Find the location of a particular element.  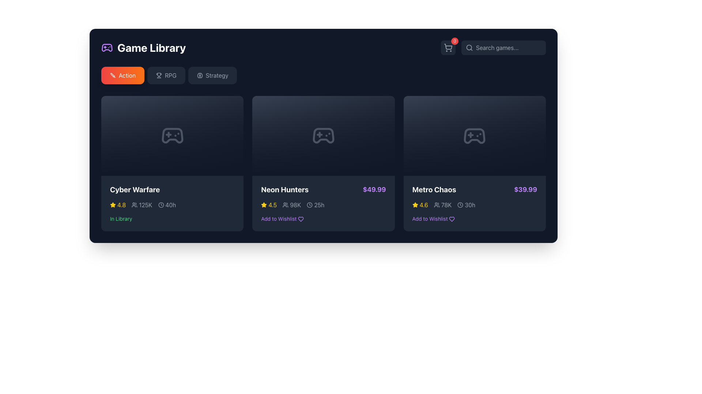

the shopping cart icon located at the top-right corner of the interface is located at coordinates (448, 48).